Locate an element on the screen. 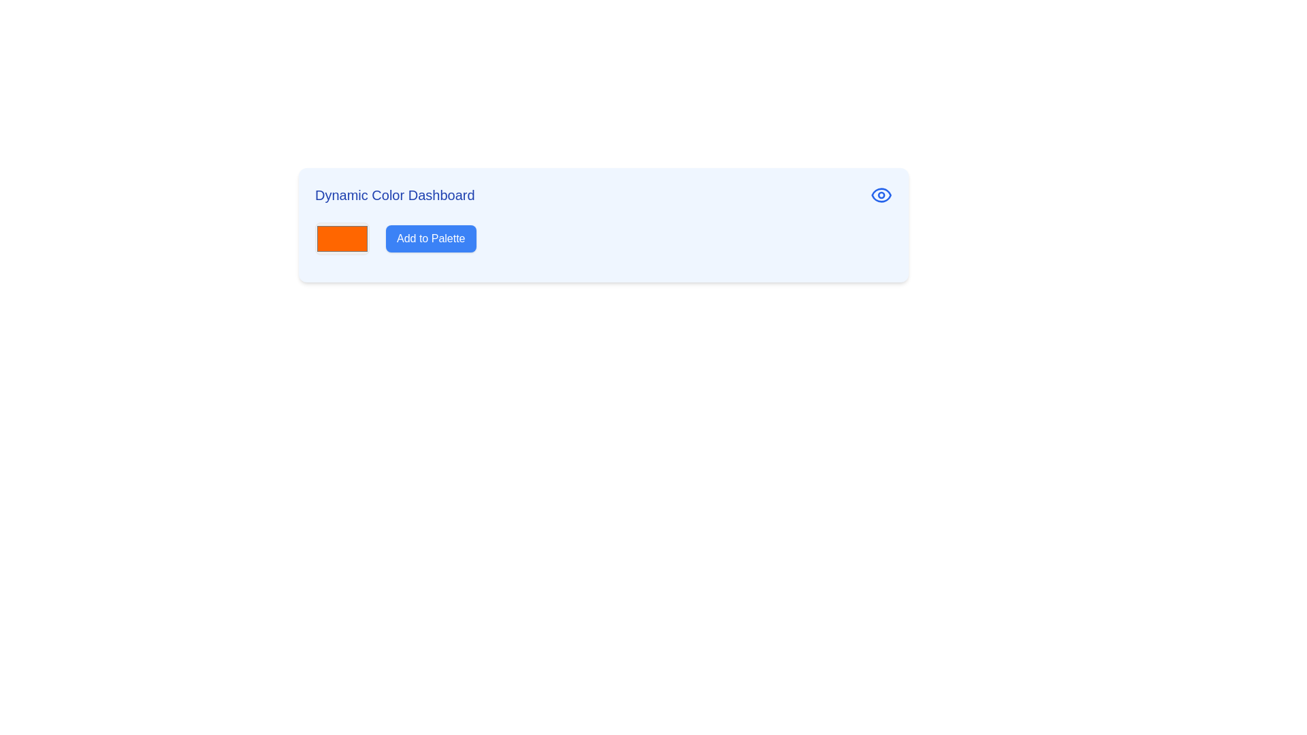 The width and height of the screenshot is (1307, 735). the Color selection box with the color '#FF6600' in the Dynamic Color Dashboard is located at coordinates (342, 238).